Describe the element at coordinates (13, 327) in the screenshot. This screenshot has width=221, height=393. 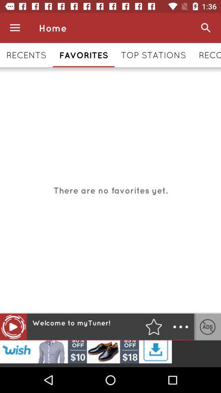
I see `the play icon` at that location.